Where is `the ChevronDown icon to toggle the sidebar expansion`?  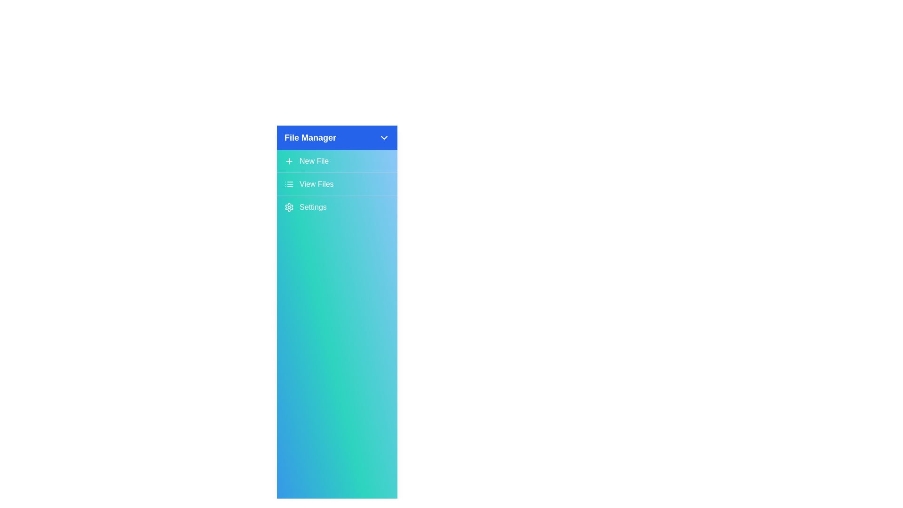
the ChevronDown icon to toggle the sidebar expansion is located at coordinates (384, 138).